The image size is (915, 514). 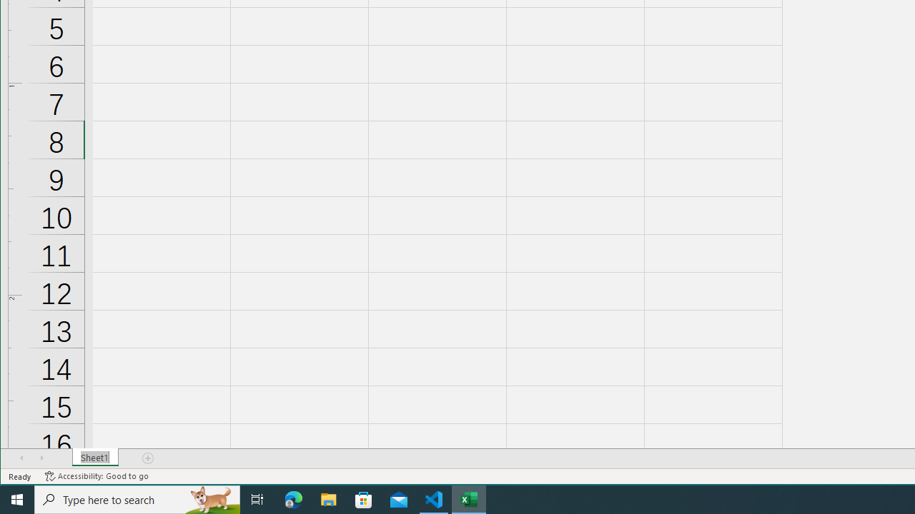 What do you see at coordinates (469, 498) in the screenshot?
I see `'Excel - 1 running window'` at bounding box center [469, 498].